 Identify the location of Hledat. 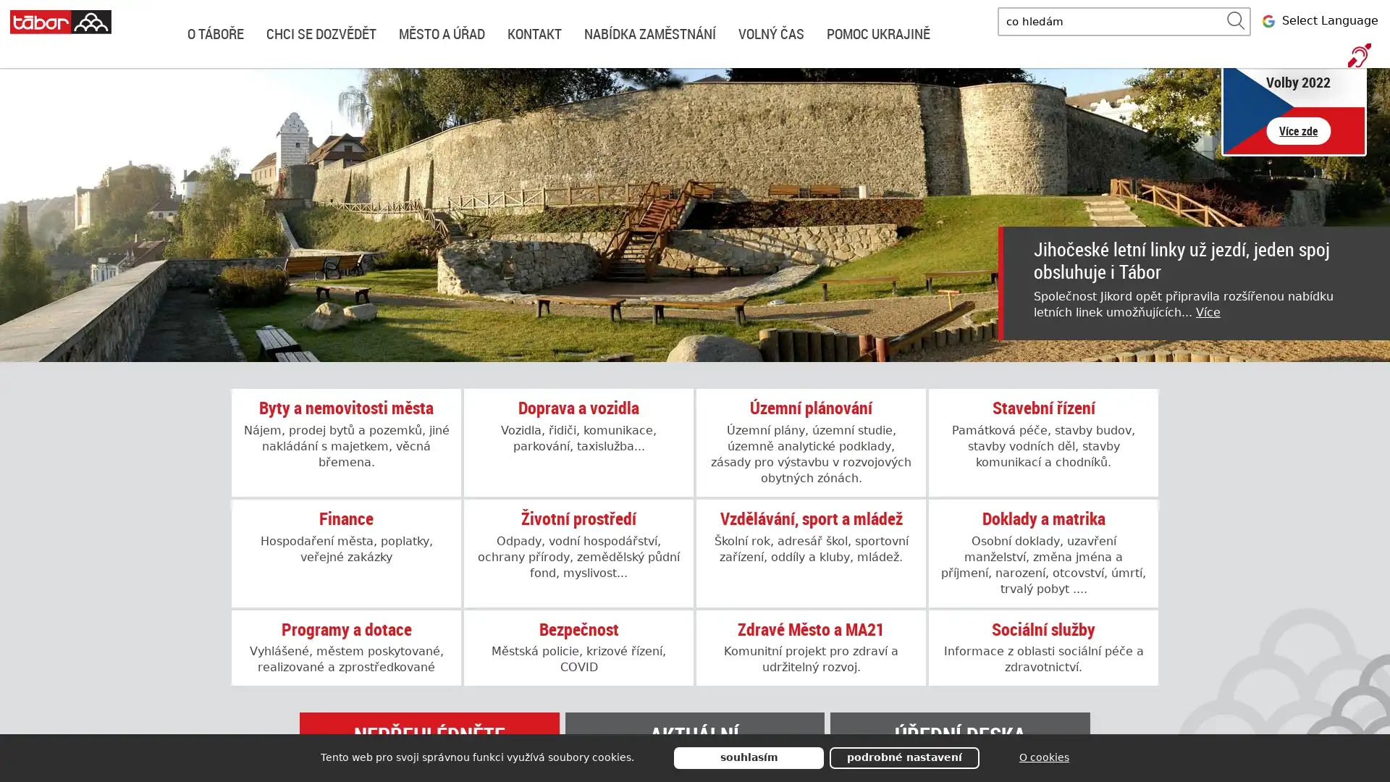
(1235, 21).